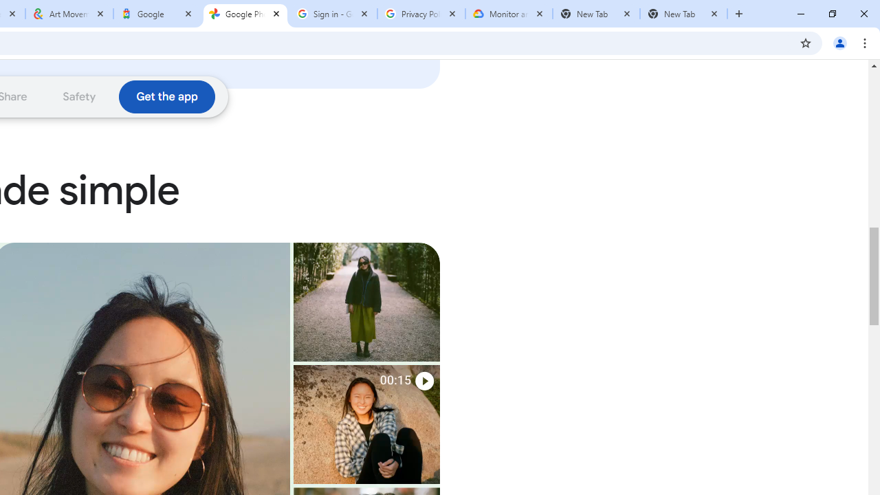 The image size is (880, 495). Describe the element at coordinates (683, 14) in the screenshot. I see `'New Tab'` at that location.